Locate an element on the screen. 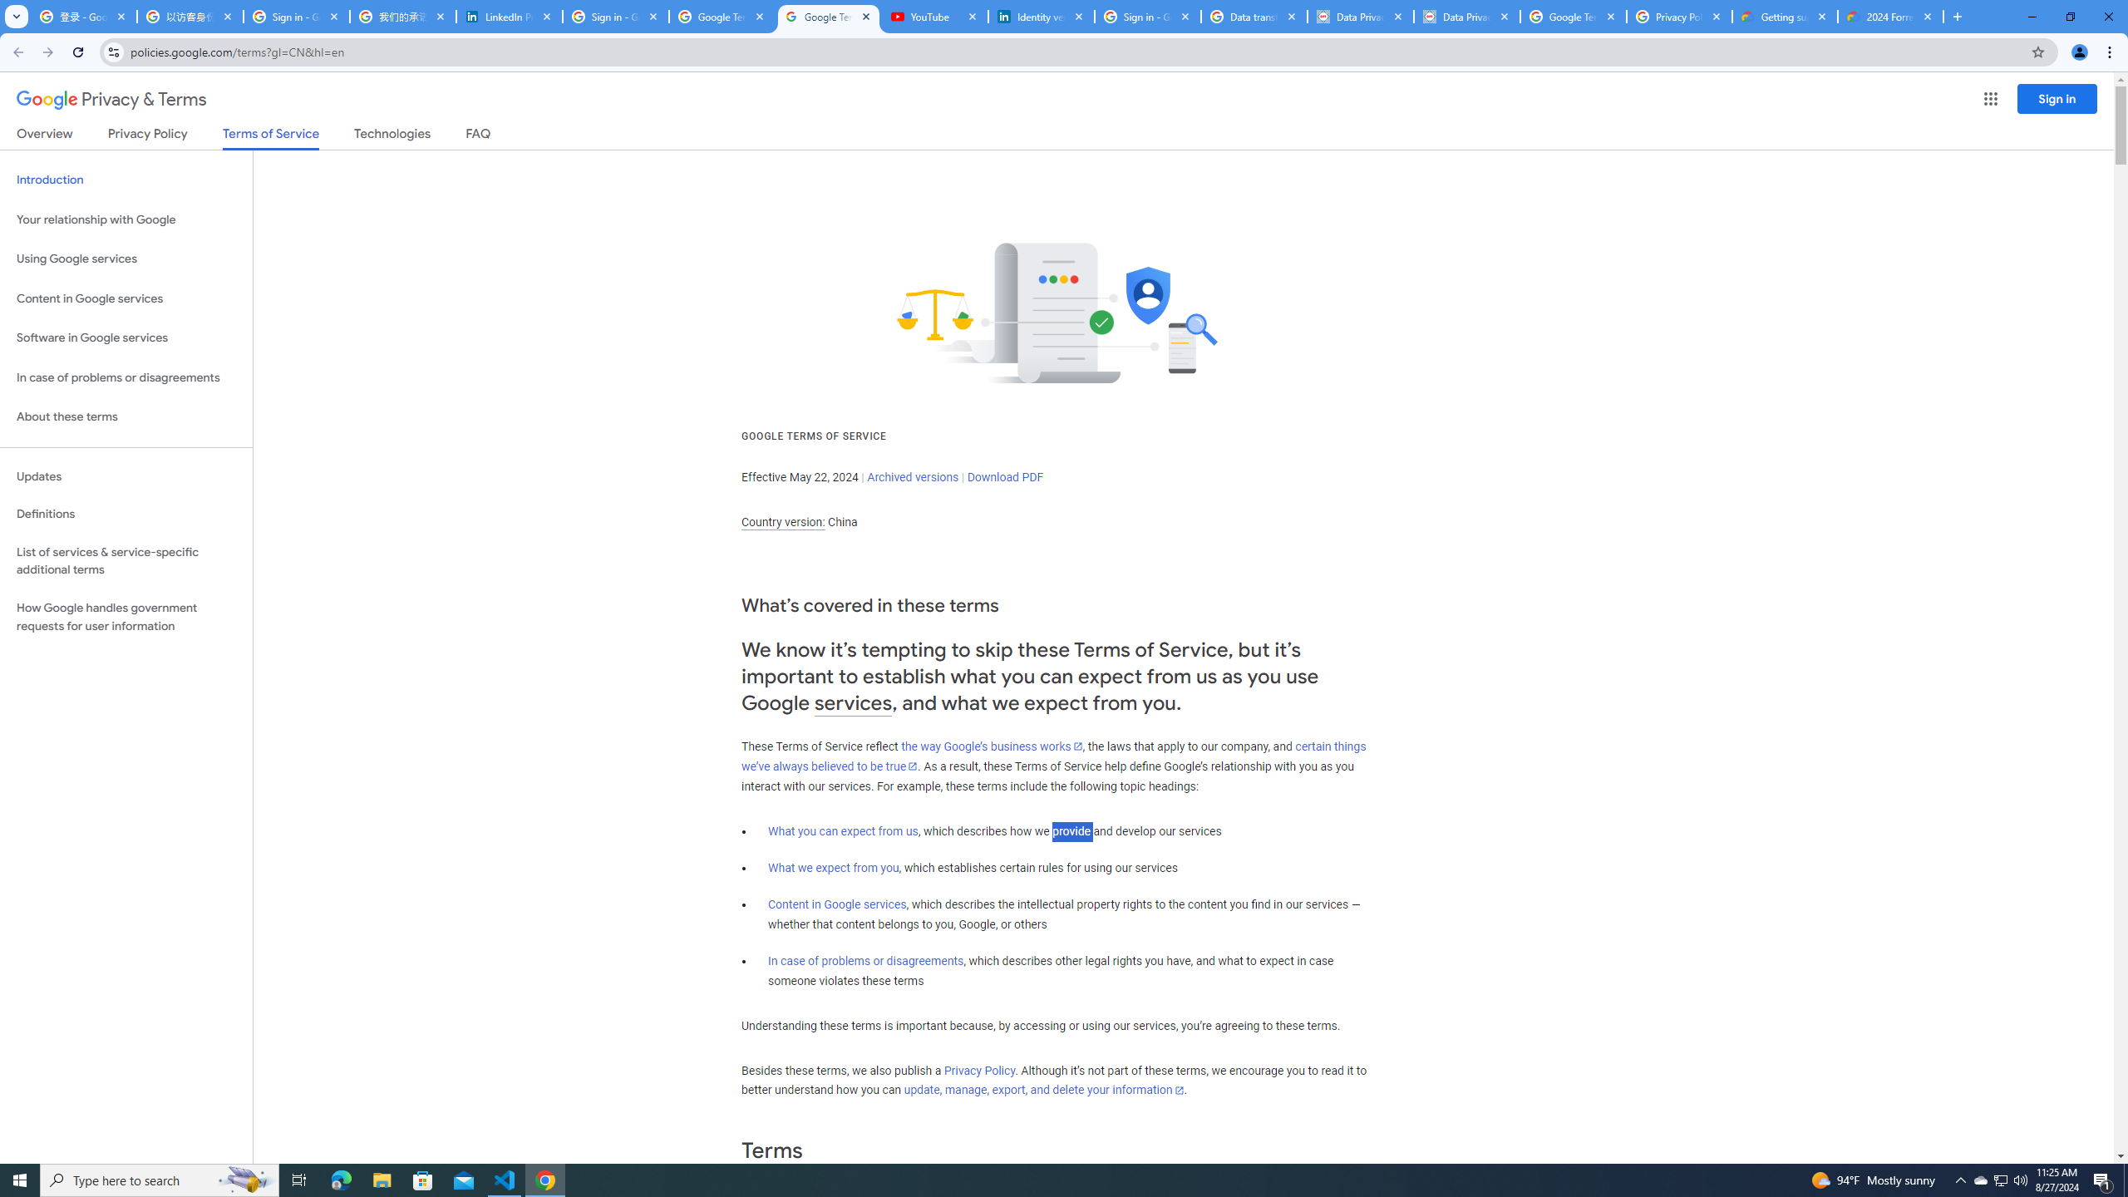 This screenshot has width=2128, height=1197. 'services' is located at coordinates (853, 703).